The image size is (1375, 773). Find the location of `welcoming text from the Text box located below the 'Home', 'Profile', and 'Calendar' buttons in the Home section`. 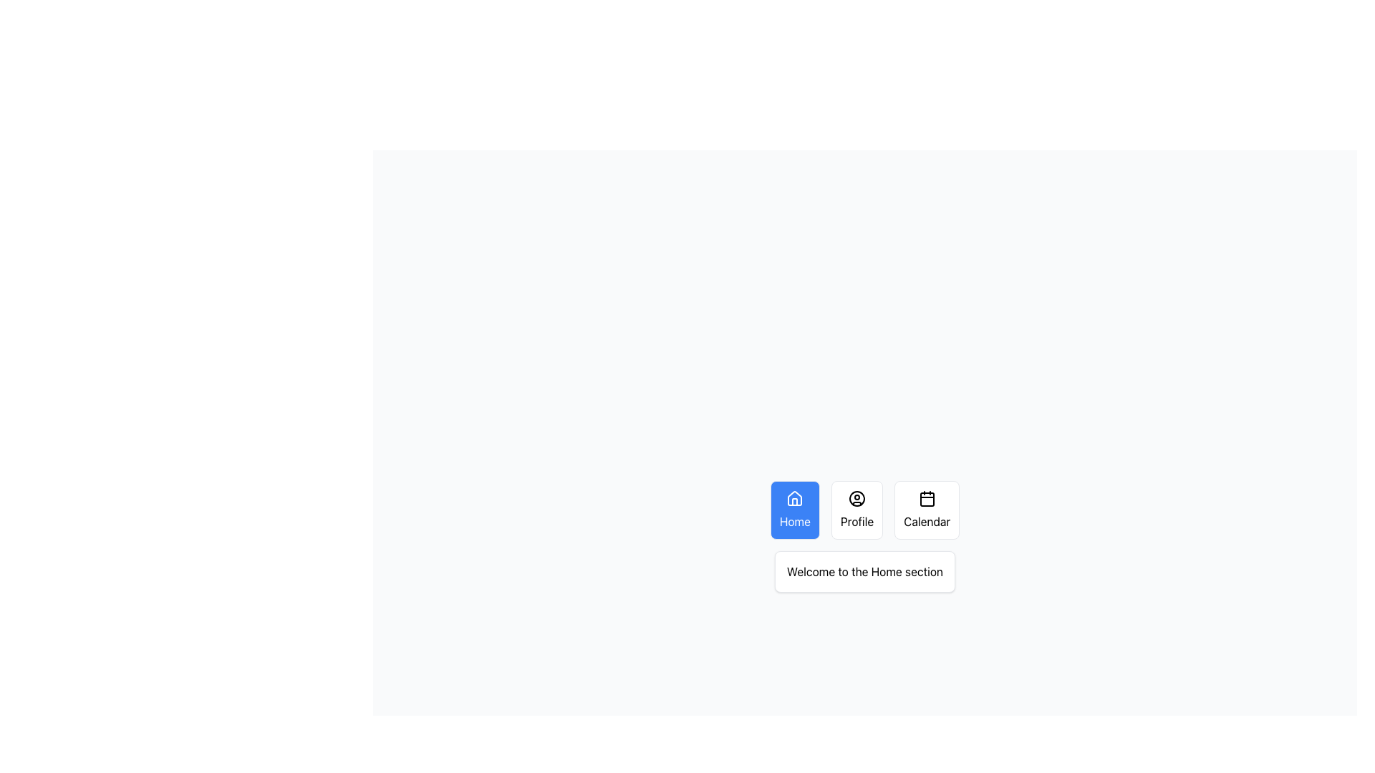

welcoming text from the Text box located below the 'Home', 'Profile', and 'Calendar' buttons in the Home section is located at coordinates (864, 570).